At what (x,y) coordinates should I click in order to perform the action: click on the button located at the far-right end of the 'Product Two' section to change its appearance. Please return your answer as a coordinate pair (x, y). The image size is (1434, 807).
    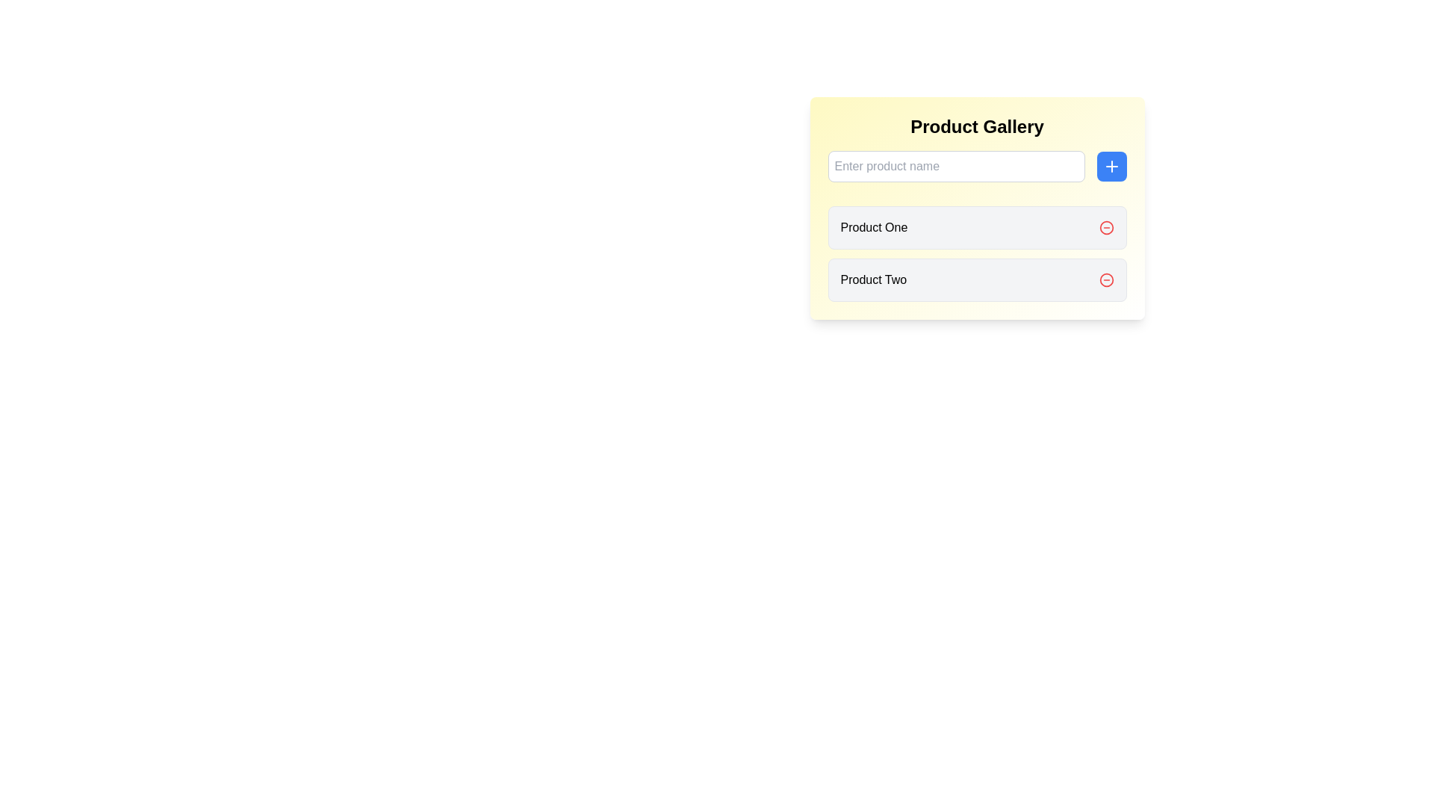
    Looking at the image, I should click on (1106, 279).